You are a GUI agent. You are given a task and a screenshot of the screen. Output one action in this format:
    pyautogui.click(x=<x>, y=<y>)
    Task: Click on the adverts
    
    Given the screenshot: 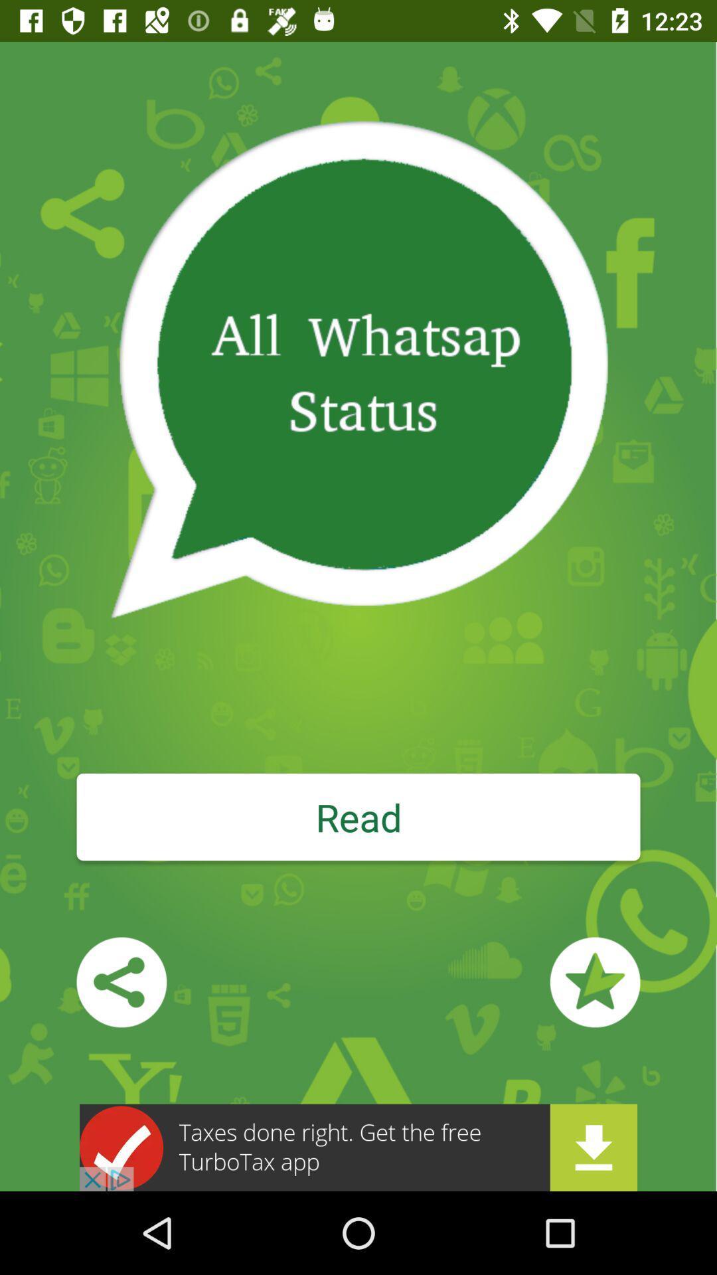 What is the action you would take?
    pyautogui.click(x=358, y=1147)
    